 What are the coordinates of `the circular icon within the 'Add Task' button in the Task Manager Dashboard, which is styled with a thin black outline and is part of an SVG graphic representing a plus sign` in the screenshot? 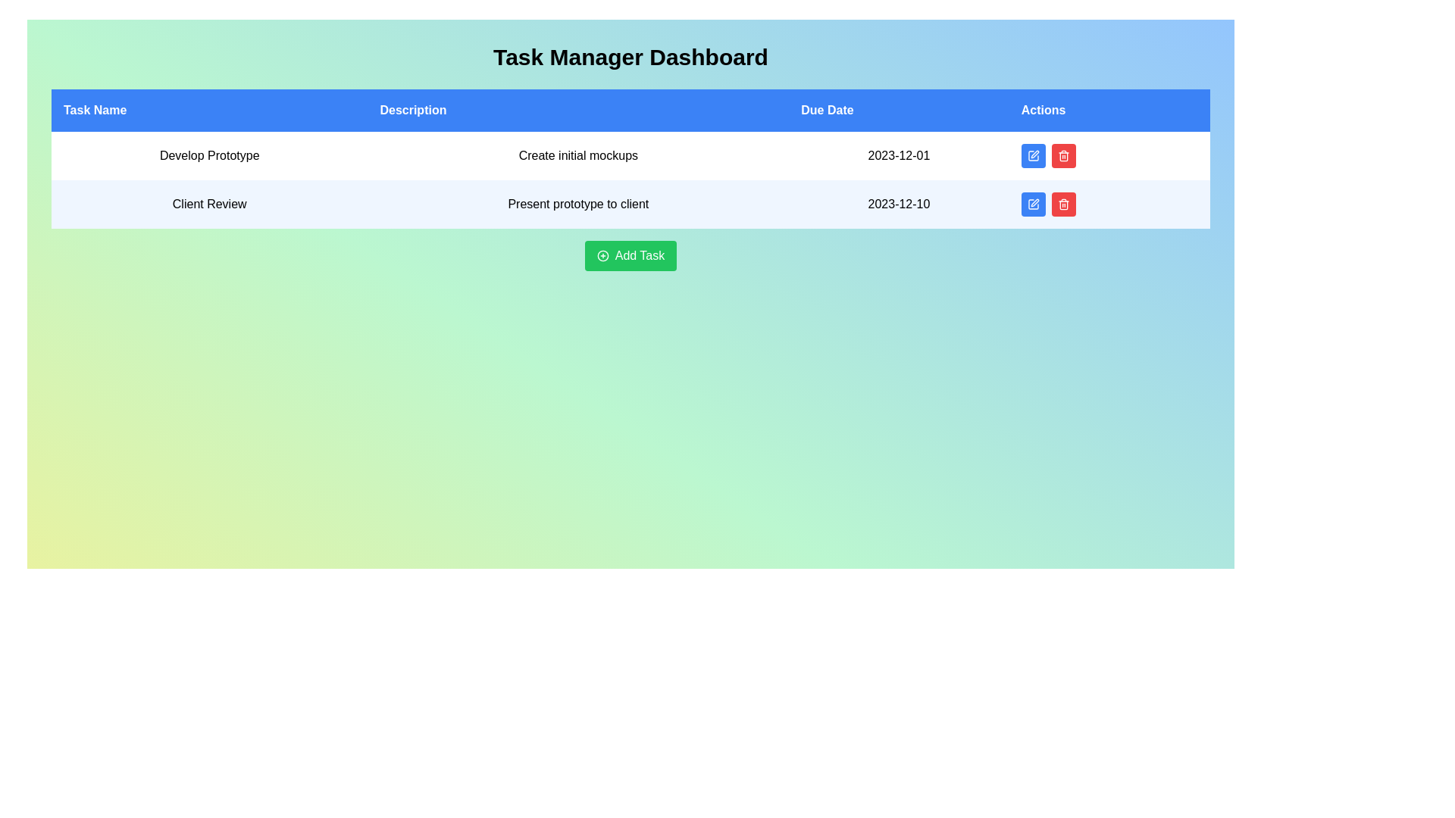 It's located at (602, 255).